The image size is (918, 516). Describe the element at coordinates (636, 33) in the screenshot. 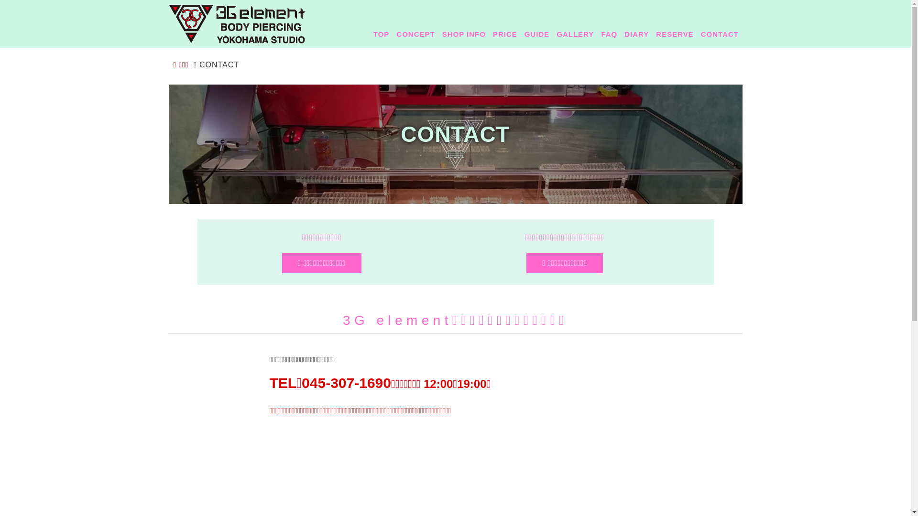

I see `'DIARY'` at that location.